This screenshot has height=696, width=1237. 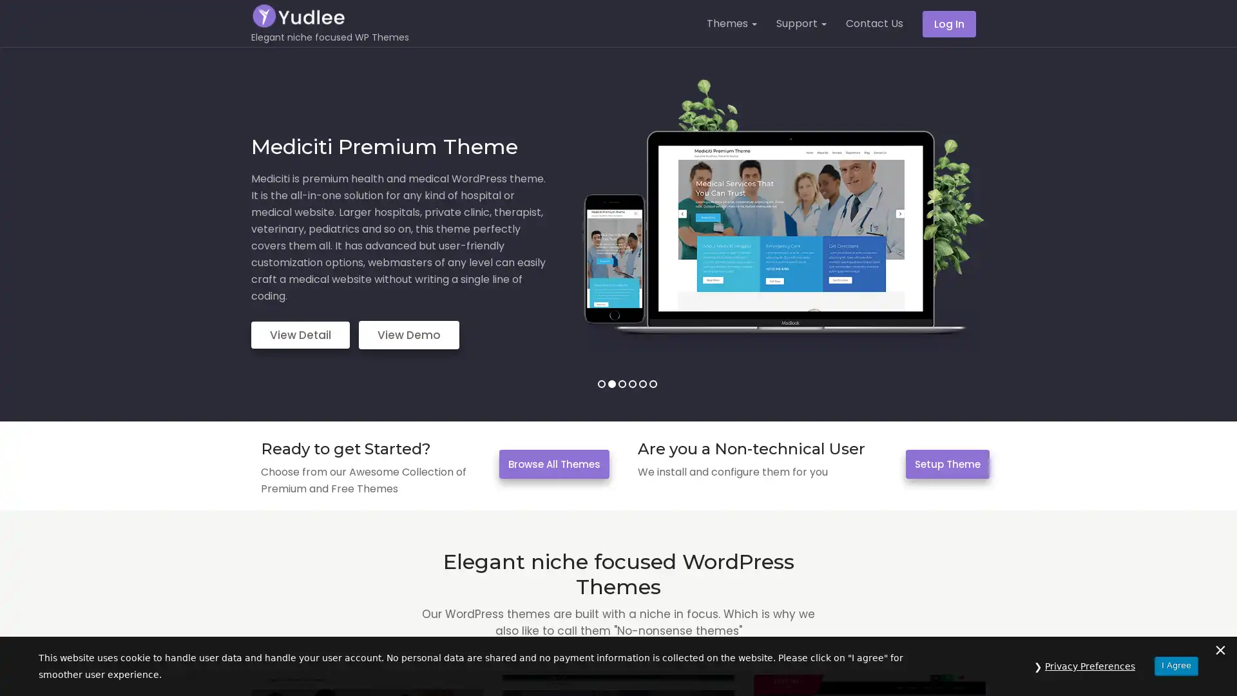 I want to click on 4, so click(x=631, y=383).